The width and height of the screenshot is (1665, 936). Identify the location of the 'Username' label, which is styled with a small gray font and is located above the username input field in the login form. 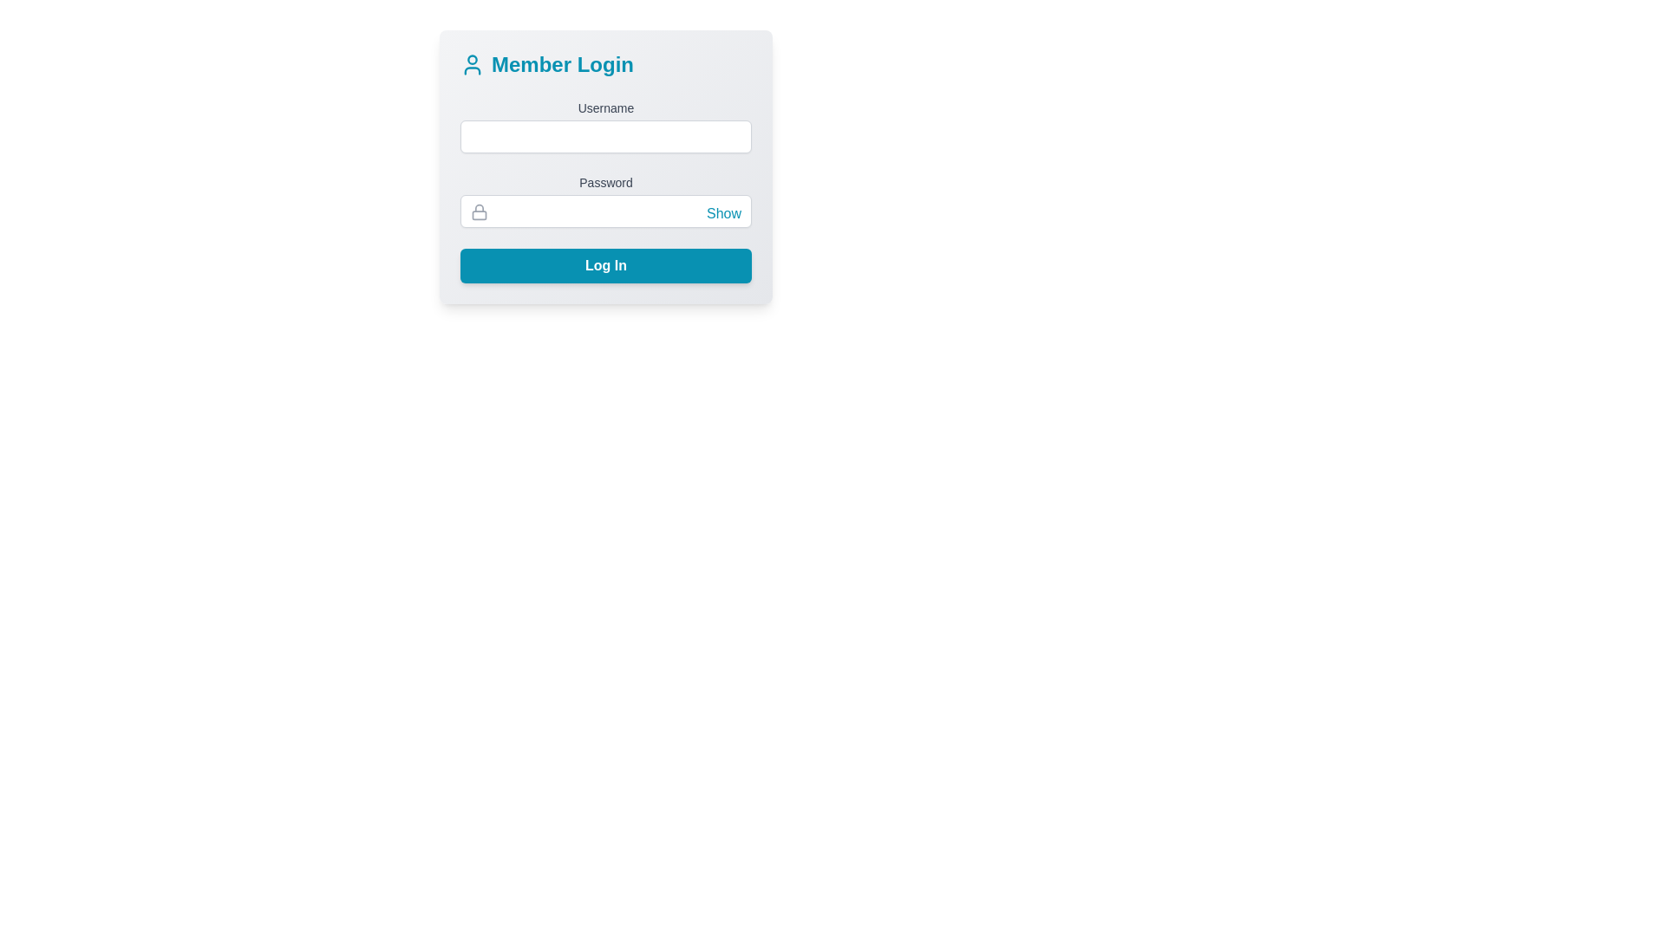
(606, 107).